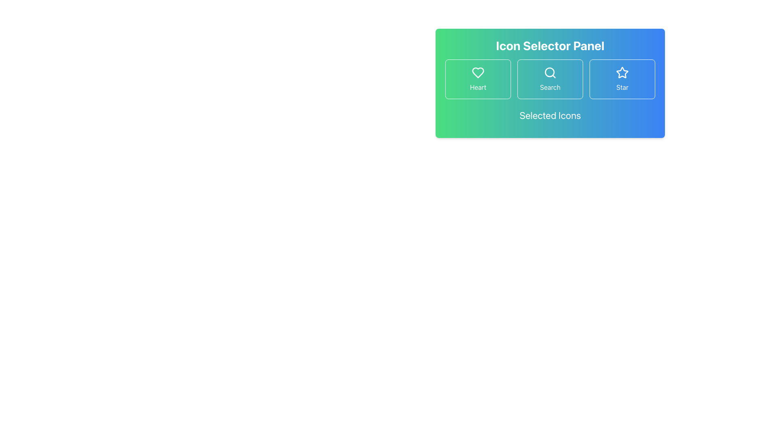 Image resolution: width=778 pixels, height=437 pixels. I want to click on text of the descriptive label for the star icon located below the star icon in the top right of the interface, so click(622, 87).